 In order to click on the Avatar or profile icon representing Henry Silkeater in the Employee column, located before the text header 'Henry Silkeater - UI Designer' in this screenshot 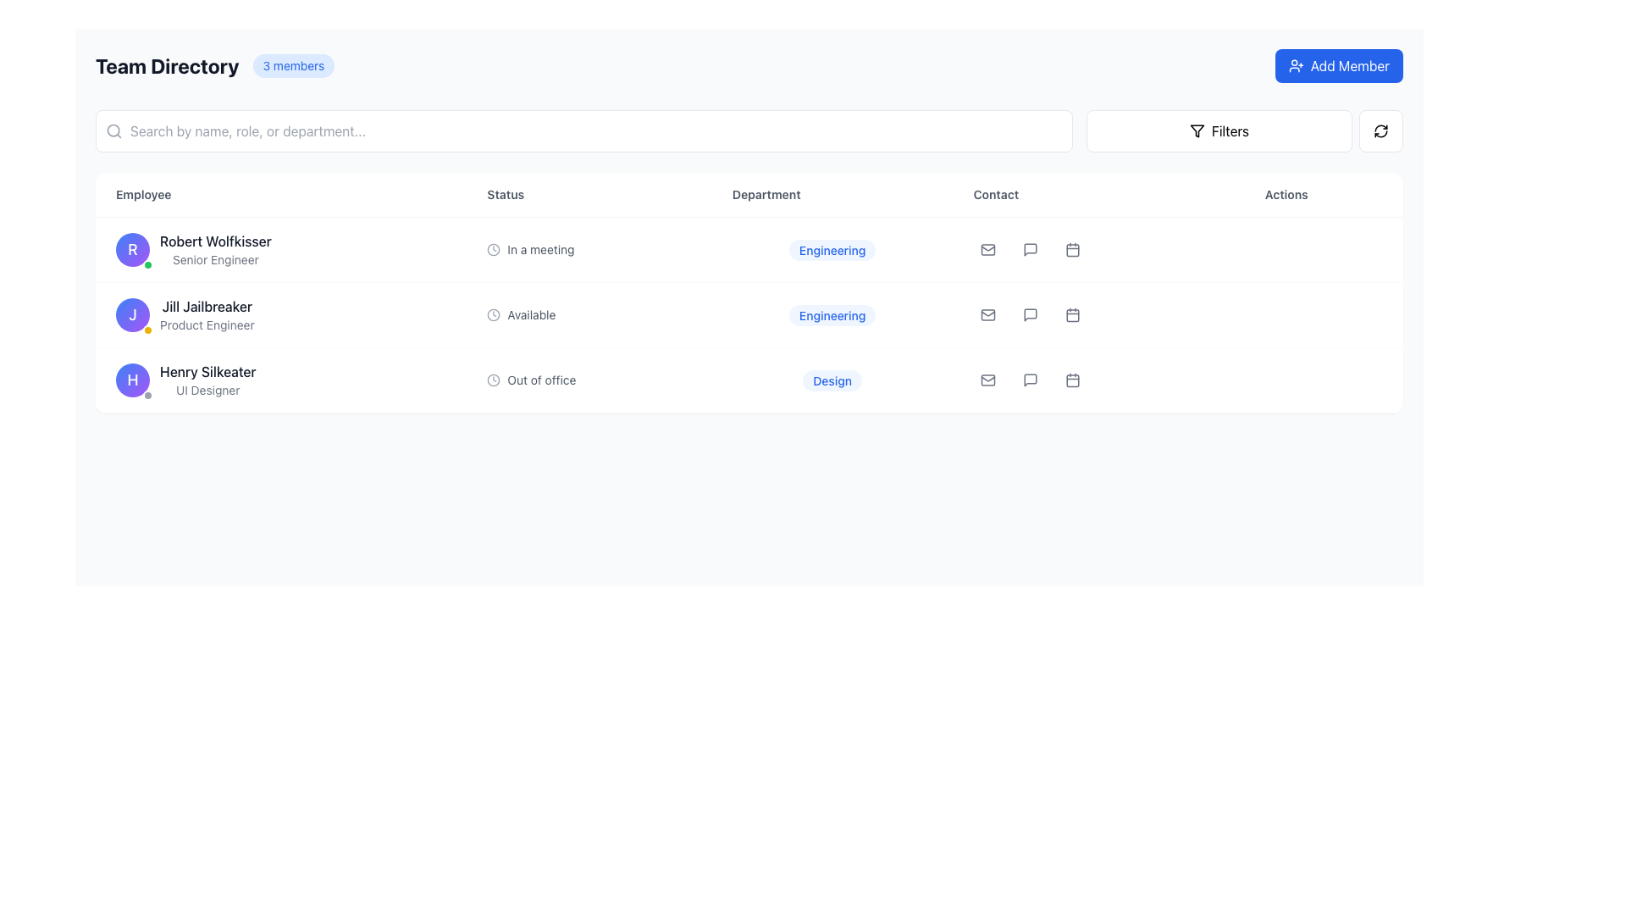, I will do `click(132, 379)`.